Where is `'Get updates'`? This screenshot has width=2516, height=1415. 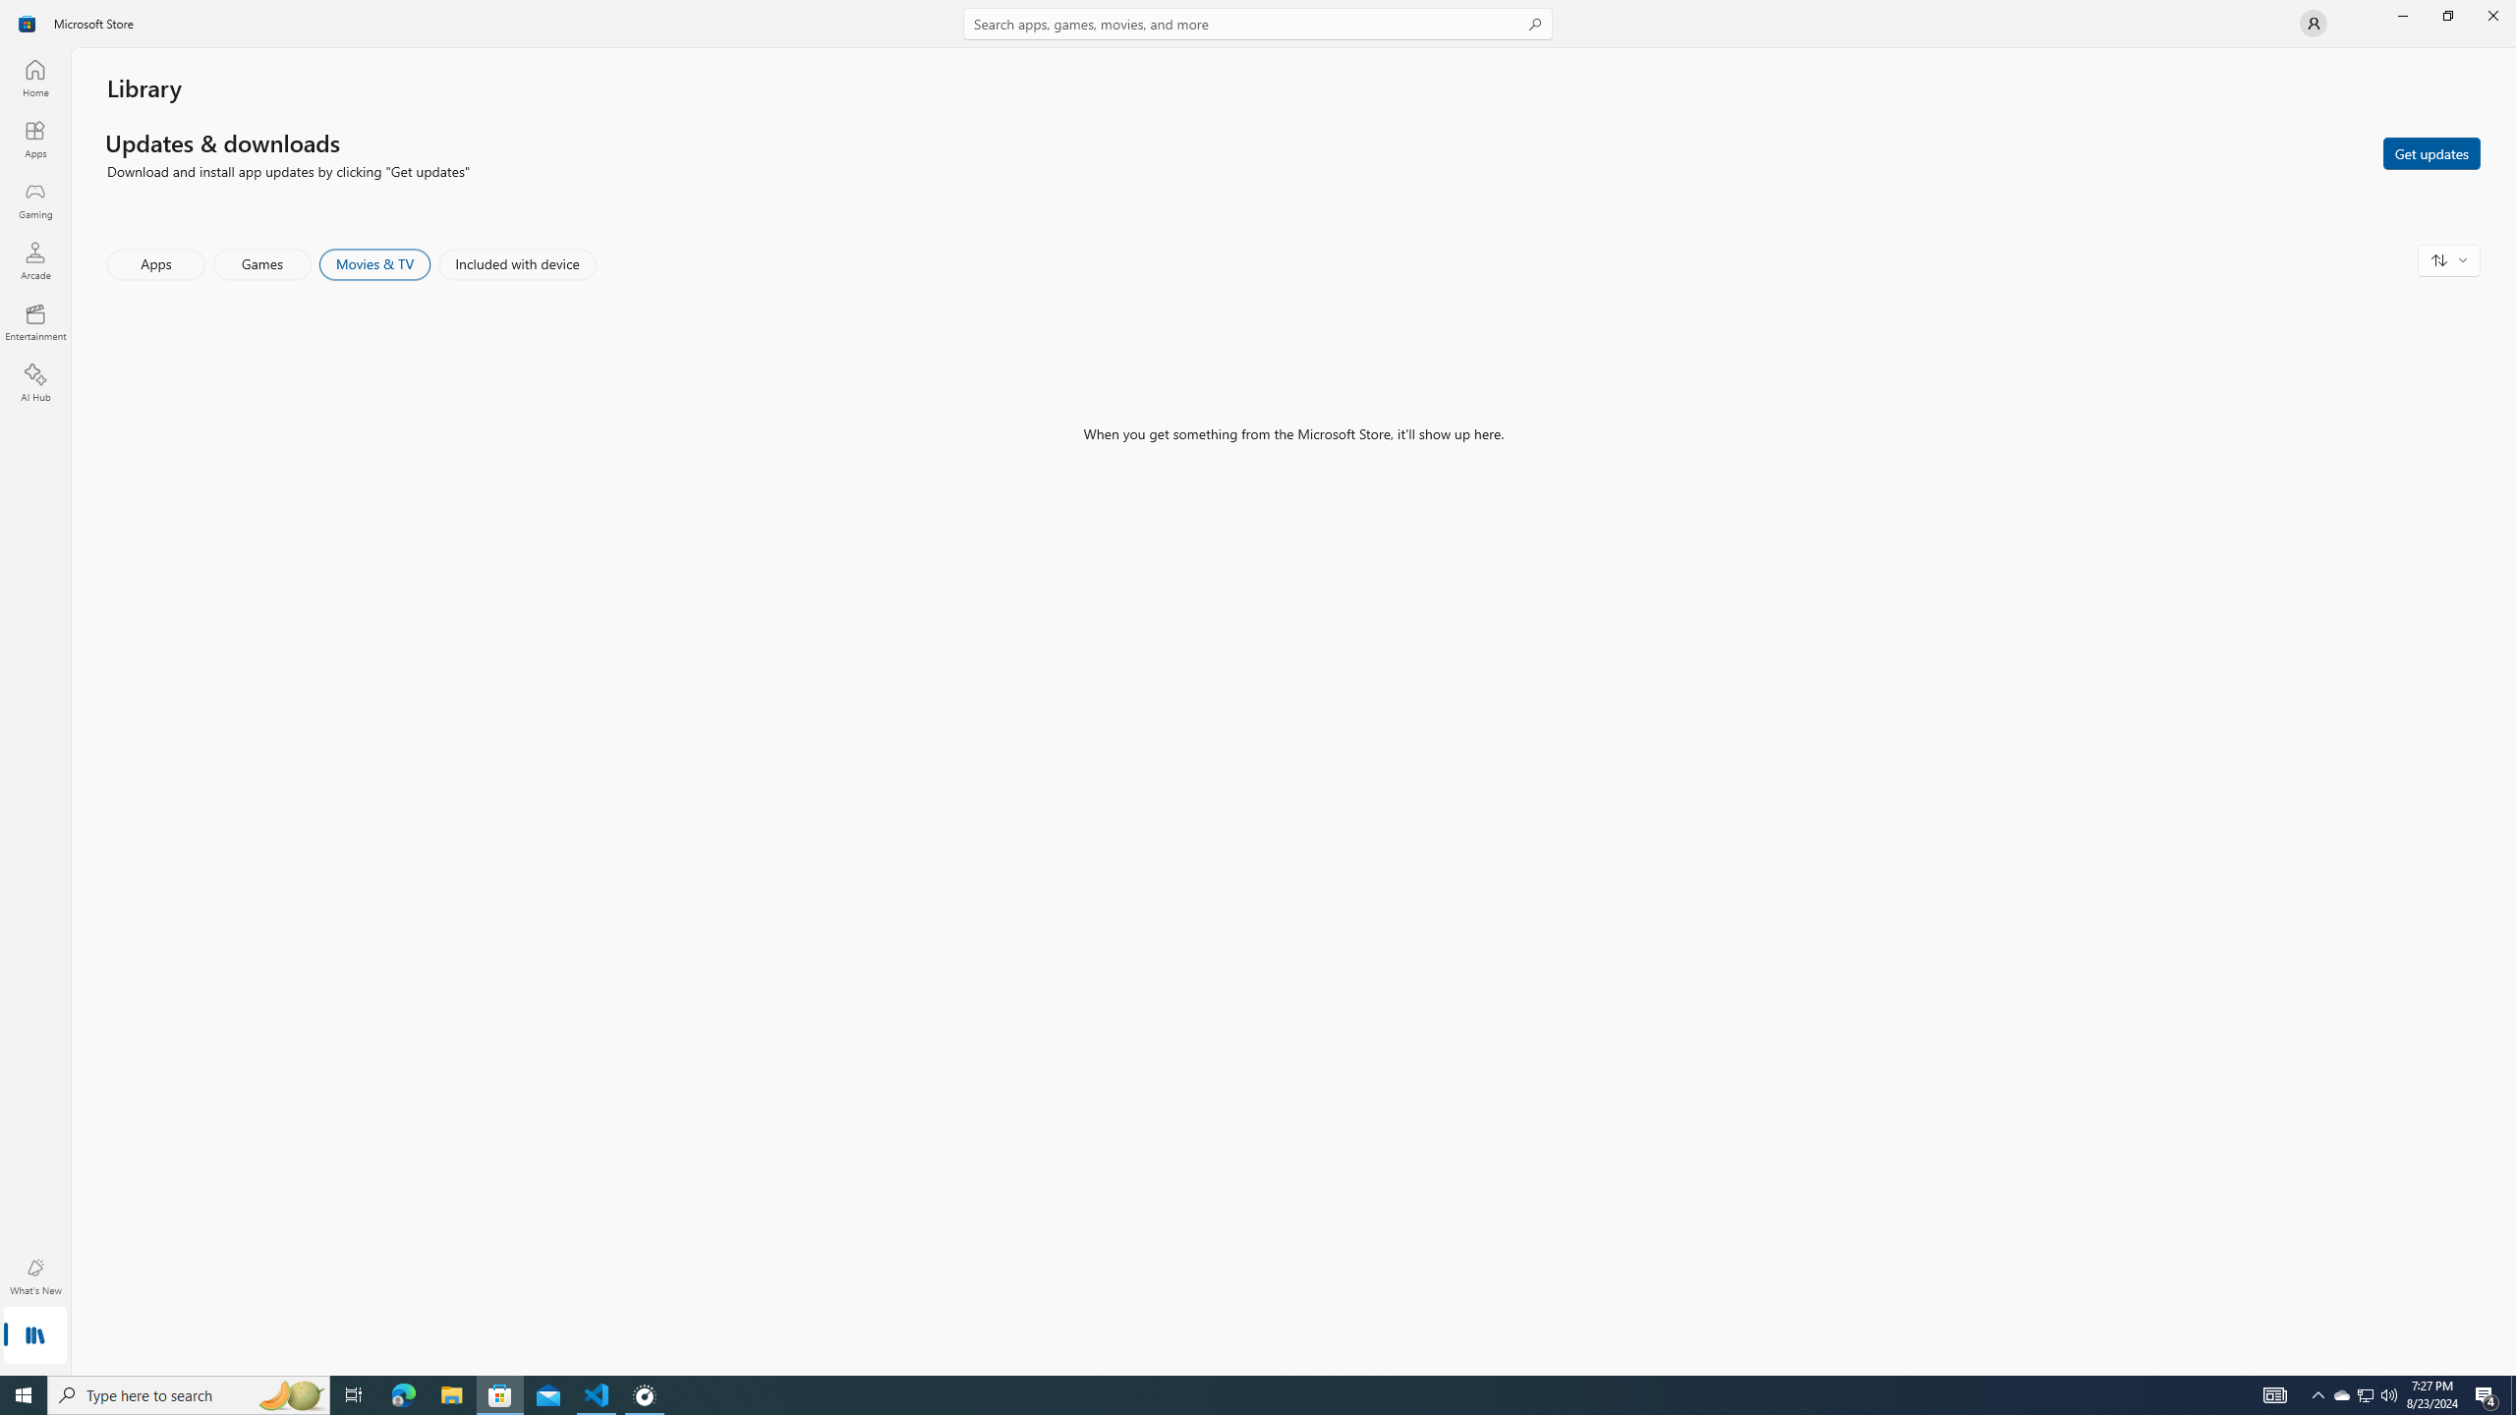
'Get updates' is located at coordinates (2431, 151).